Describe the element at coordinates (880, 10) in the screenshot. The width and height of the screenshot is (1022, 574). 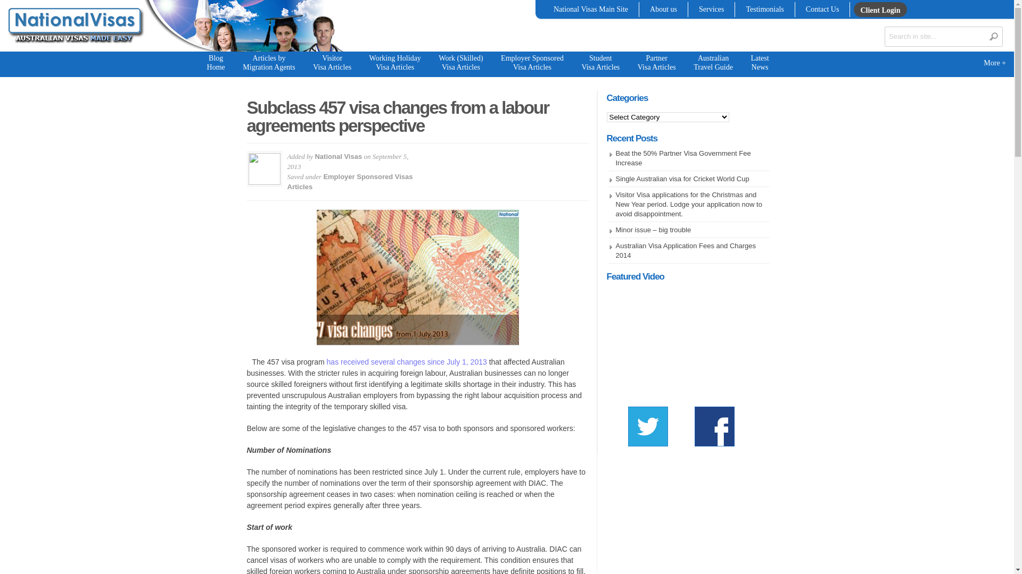
I see `'Client Login'` at that location.